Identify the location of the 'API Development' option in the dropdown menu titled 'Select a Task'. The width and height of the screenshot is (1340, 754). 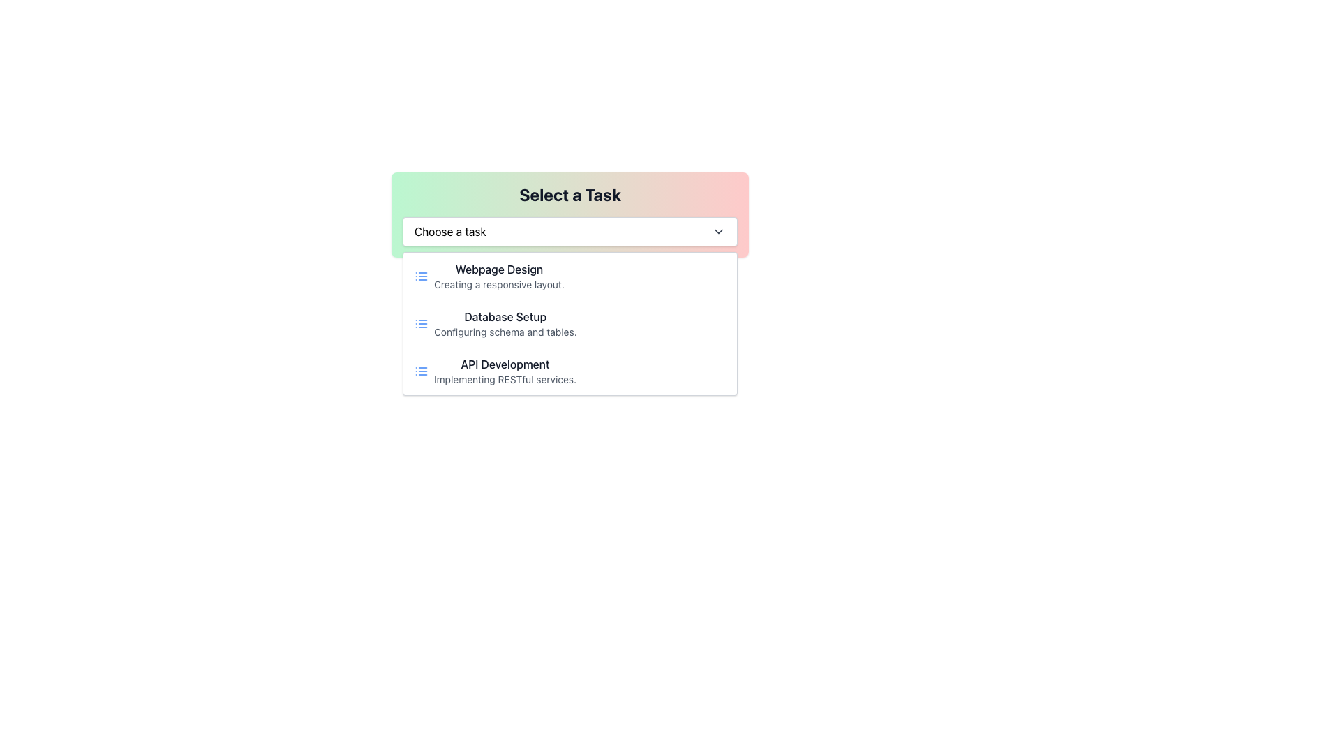
(569, 371).